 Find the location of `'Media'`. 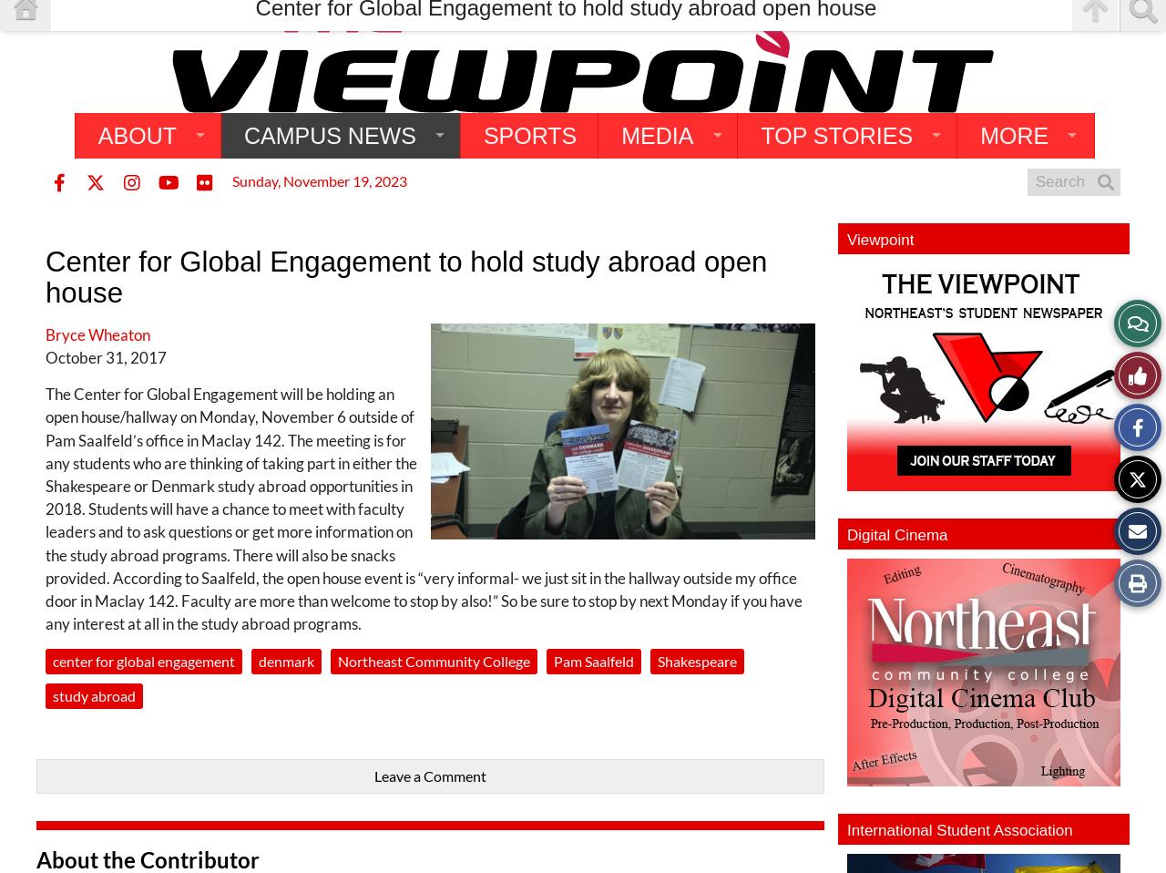

'Media' is located at coordinates (656, 135).